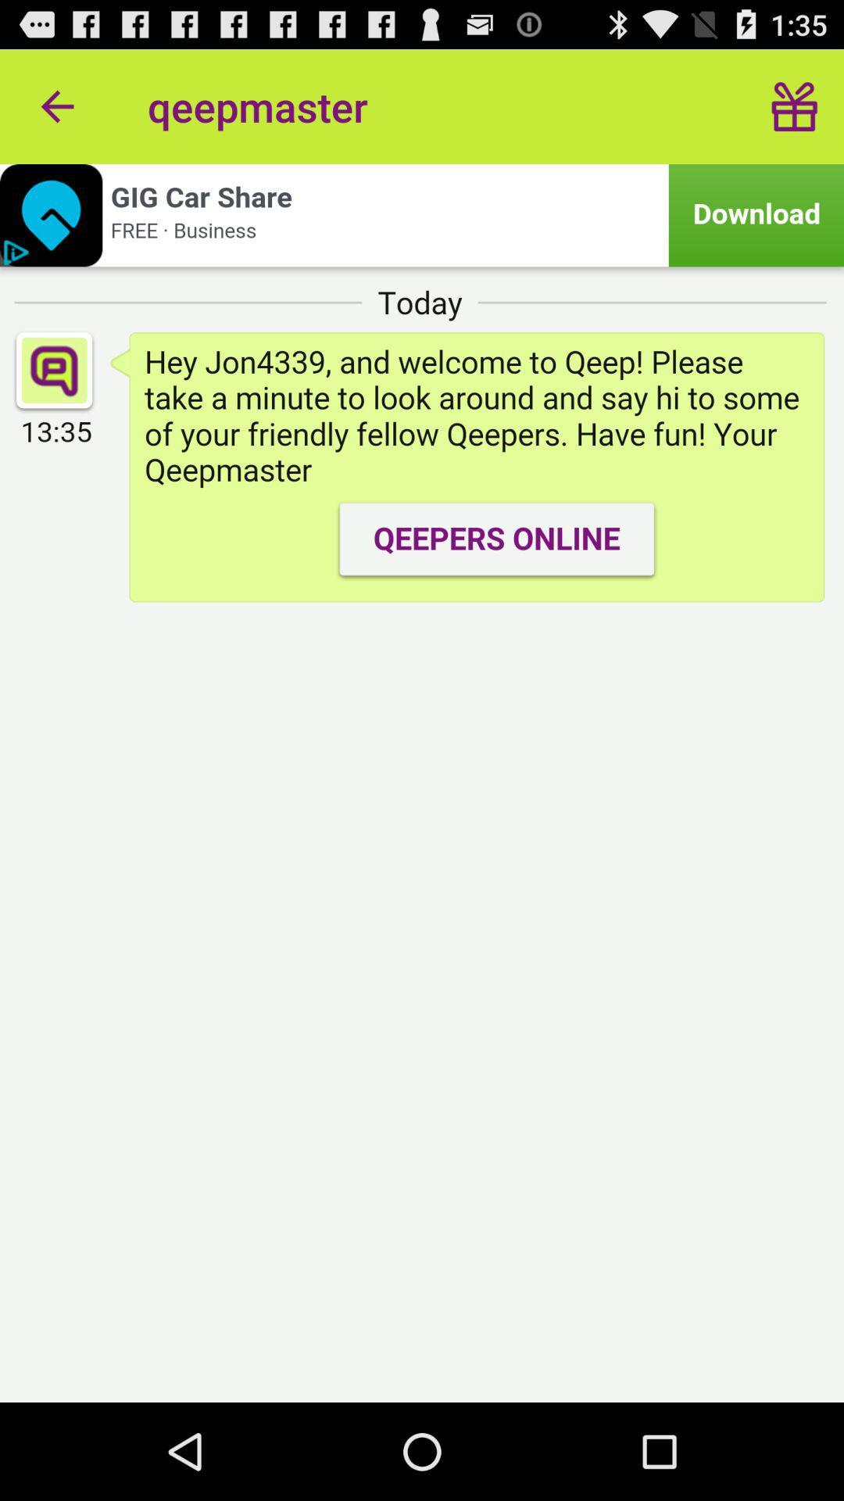  Describe the element at coordinates (422, 214) in the screenshot. I see `searching the file given` at that location.